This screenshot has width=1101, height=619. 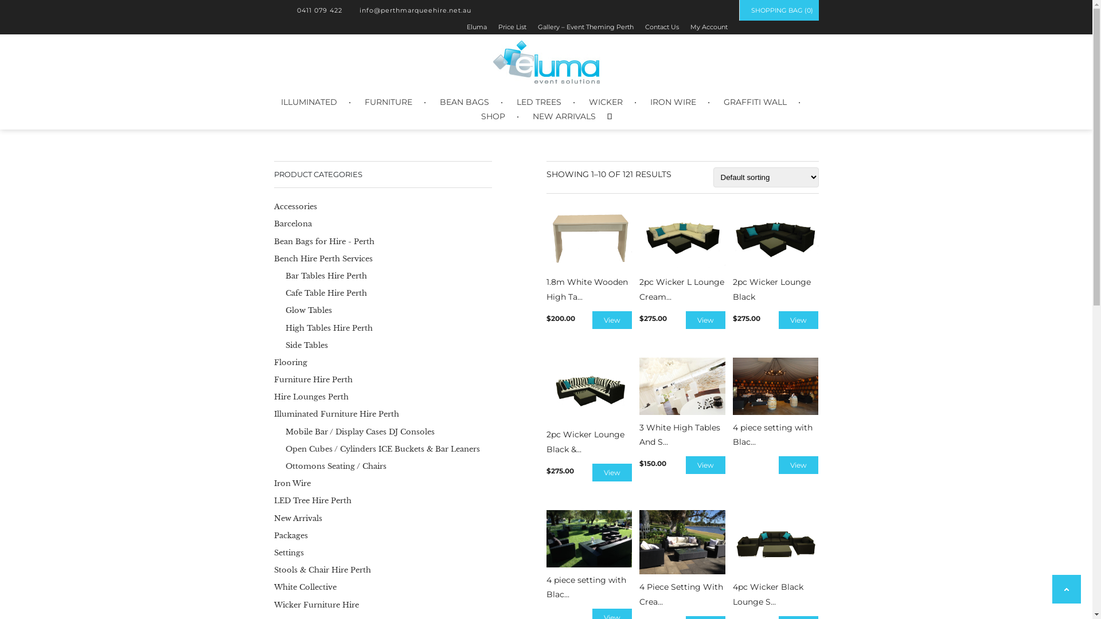 What do you see at coordinates (611, 320) in the screenshot?
I see `'View'` at bounding box center [611, 320].